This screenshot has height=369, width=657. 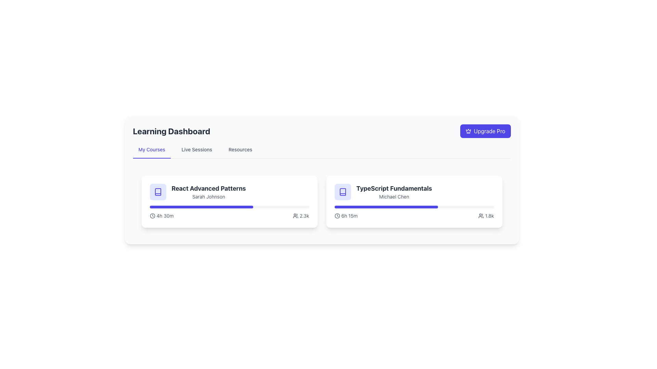 I want to click on the progress bar representing the completion of the 'React Advanced Patterns' course located in the left card of the 'My Courses' section, positioned below the course title, so click(x=229, y=206).